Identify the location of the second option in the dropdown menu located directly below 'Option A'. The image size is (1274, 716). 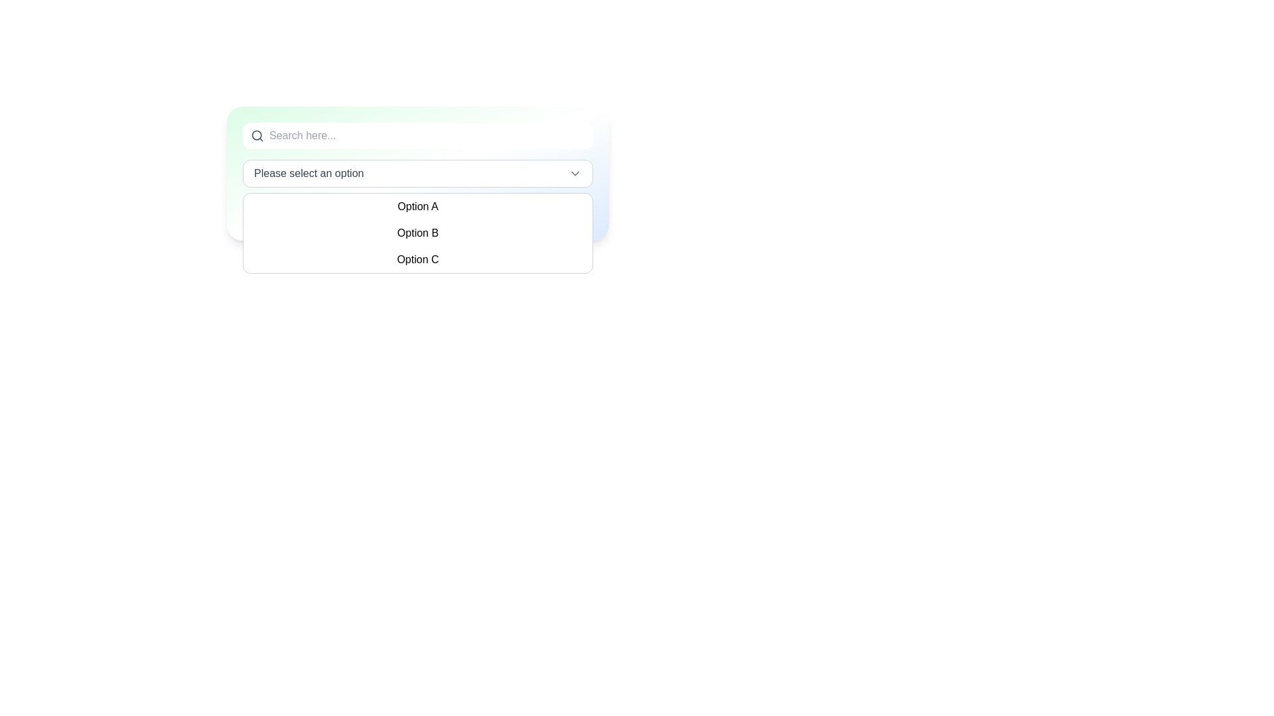
(417, 232).